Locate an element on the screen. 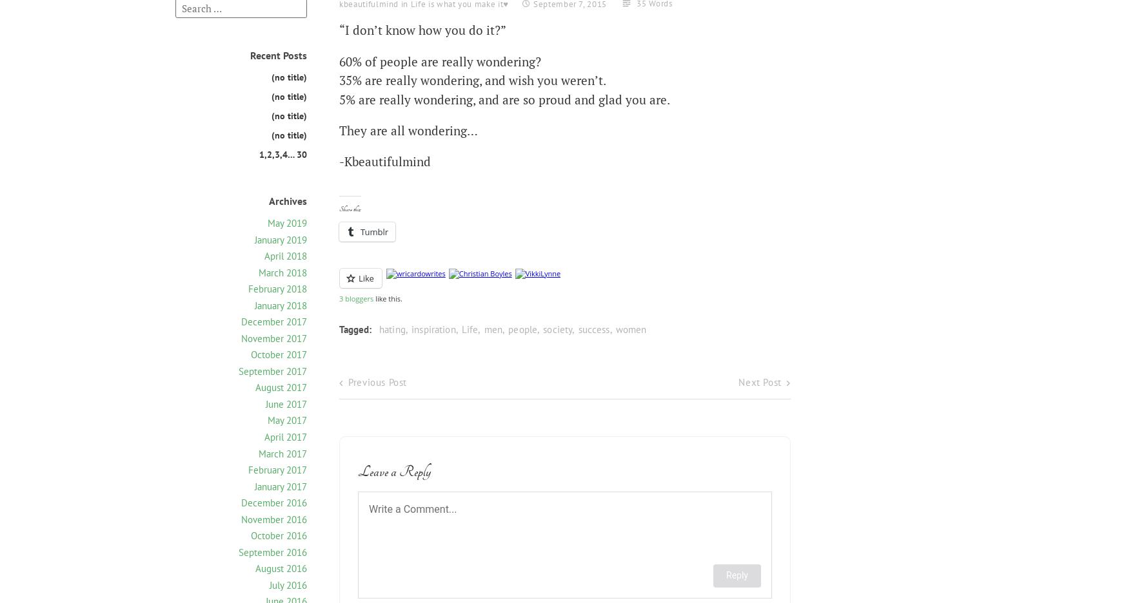 This screenshot has width=1130, height=603. 'Tagged' is located at coordinates (353, 329).